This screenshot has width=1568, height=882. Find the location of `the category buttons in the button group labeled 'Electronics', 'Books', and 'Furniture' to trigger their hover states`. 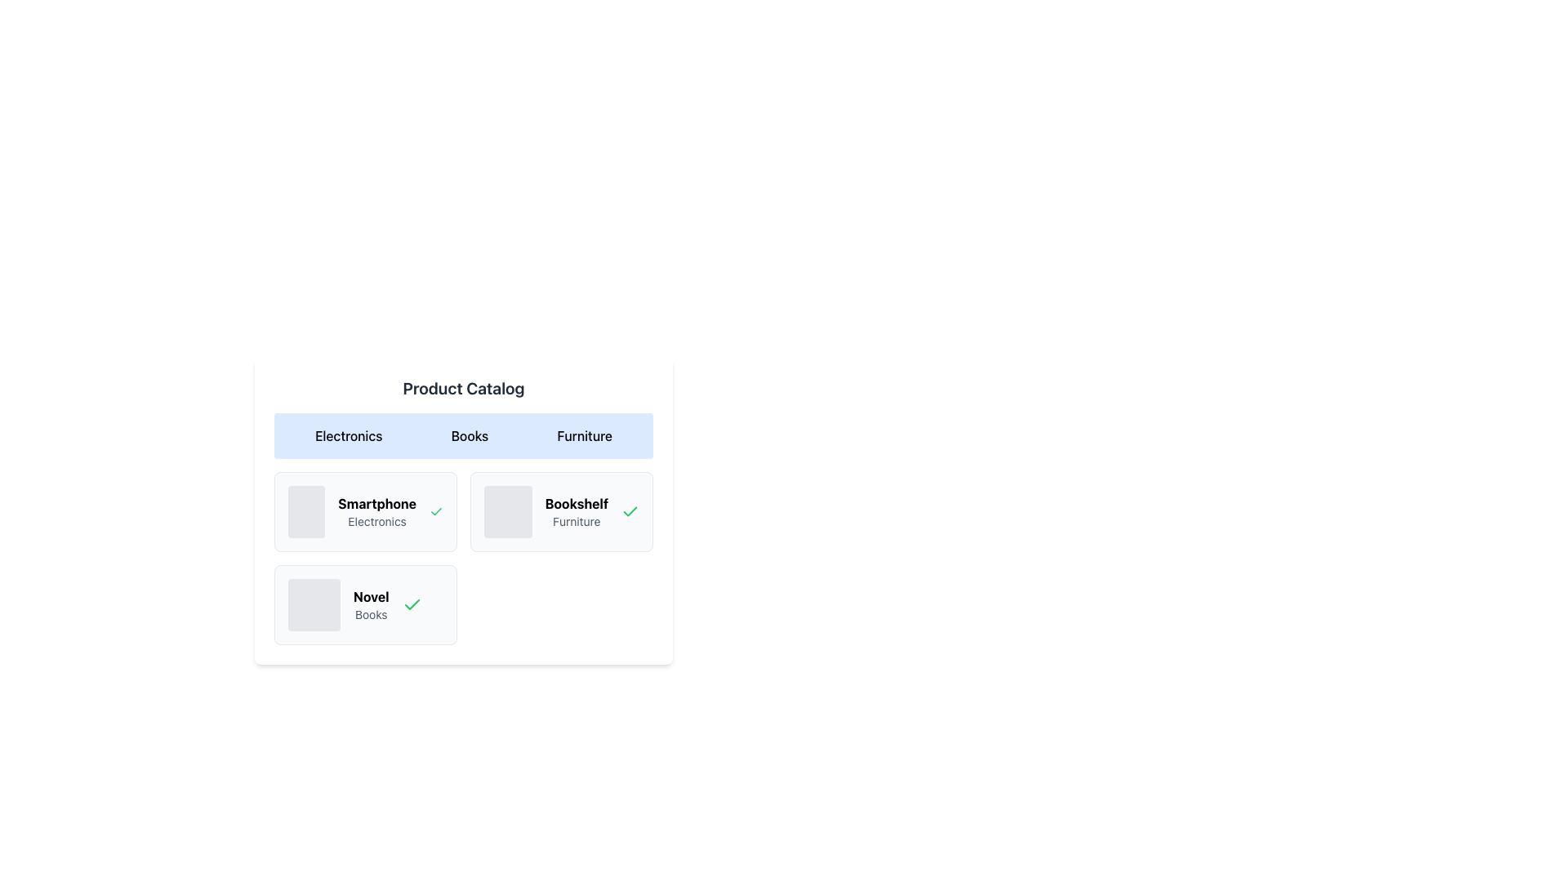

the category buttons in the button group labeled 'Electronics', 'Books', and 'Furniture' to trigger their hover states is located at coordinates (462, 434).